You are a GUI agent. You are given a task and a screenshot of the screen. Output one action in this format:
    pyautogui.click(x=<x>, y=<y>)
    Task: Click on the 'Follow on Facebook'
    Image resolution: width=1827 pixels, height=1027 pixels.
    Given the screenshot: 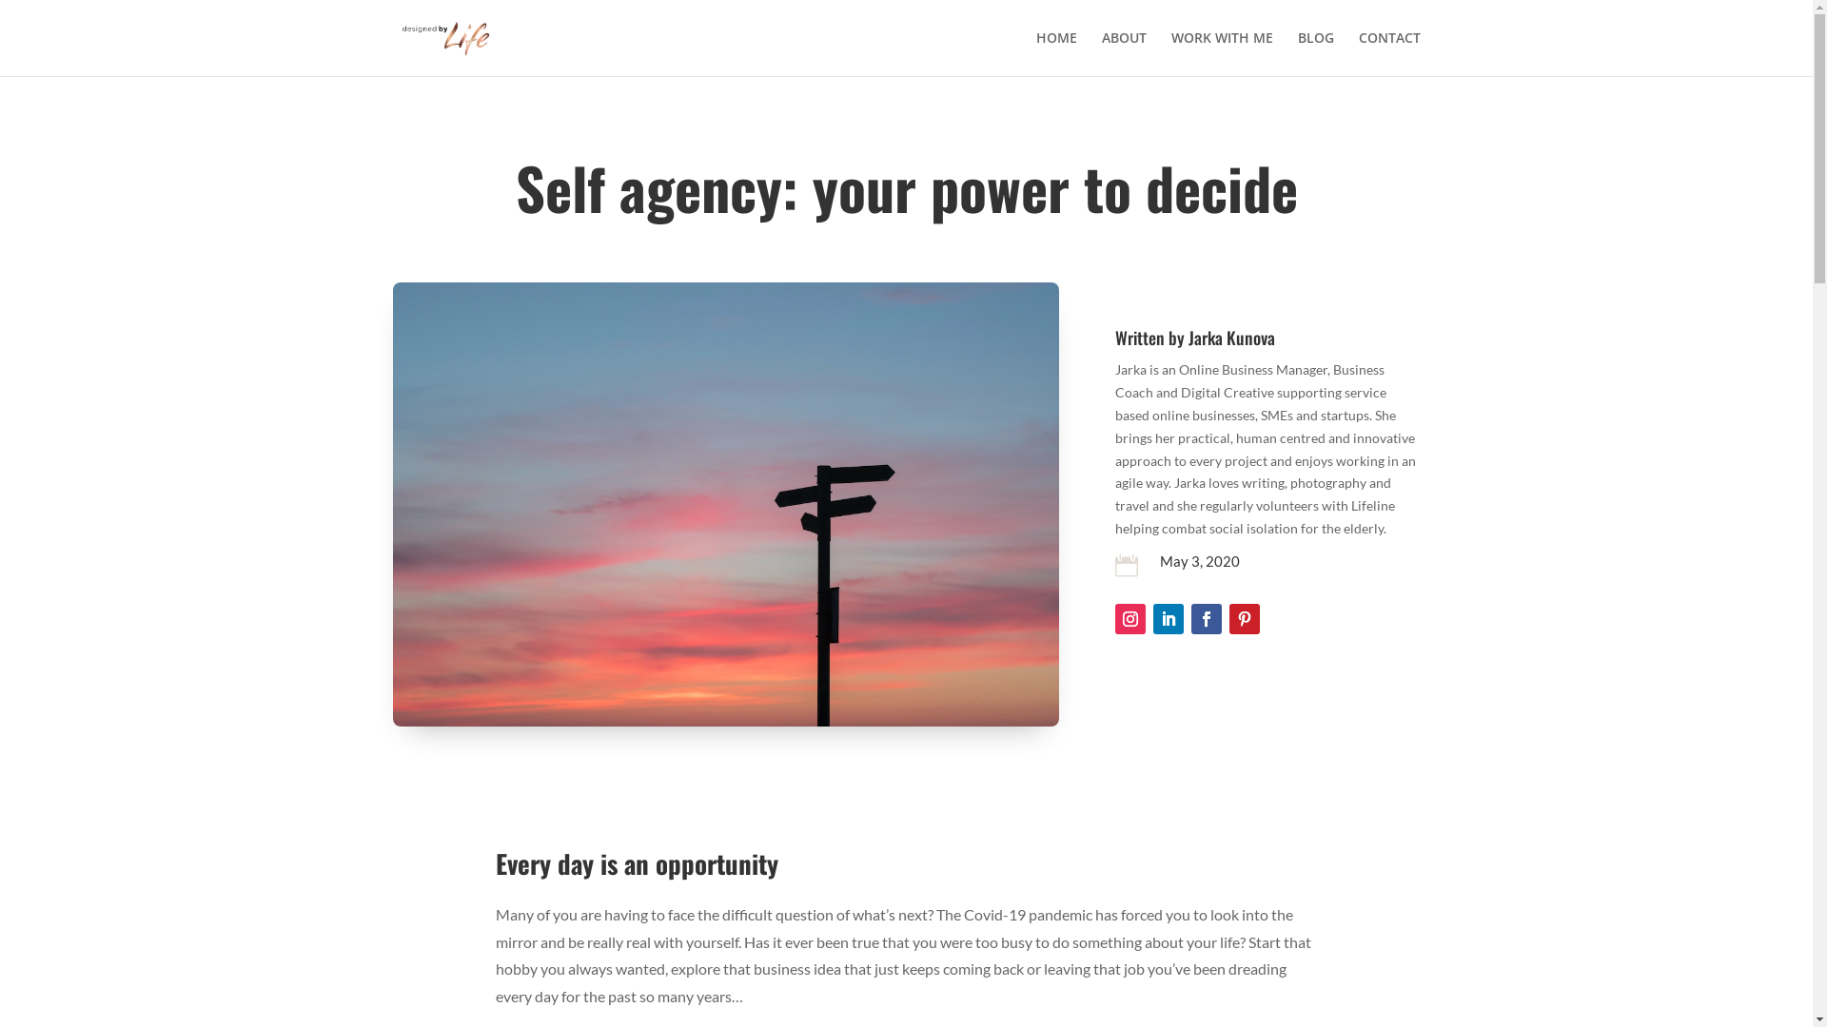 What is the action you would take?
    pyautogui.click(x=1205, y=619)
    